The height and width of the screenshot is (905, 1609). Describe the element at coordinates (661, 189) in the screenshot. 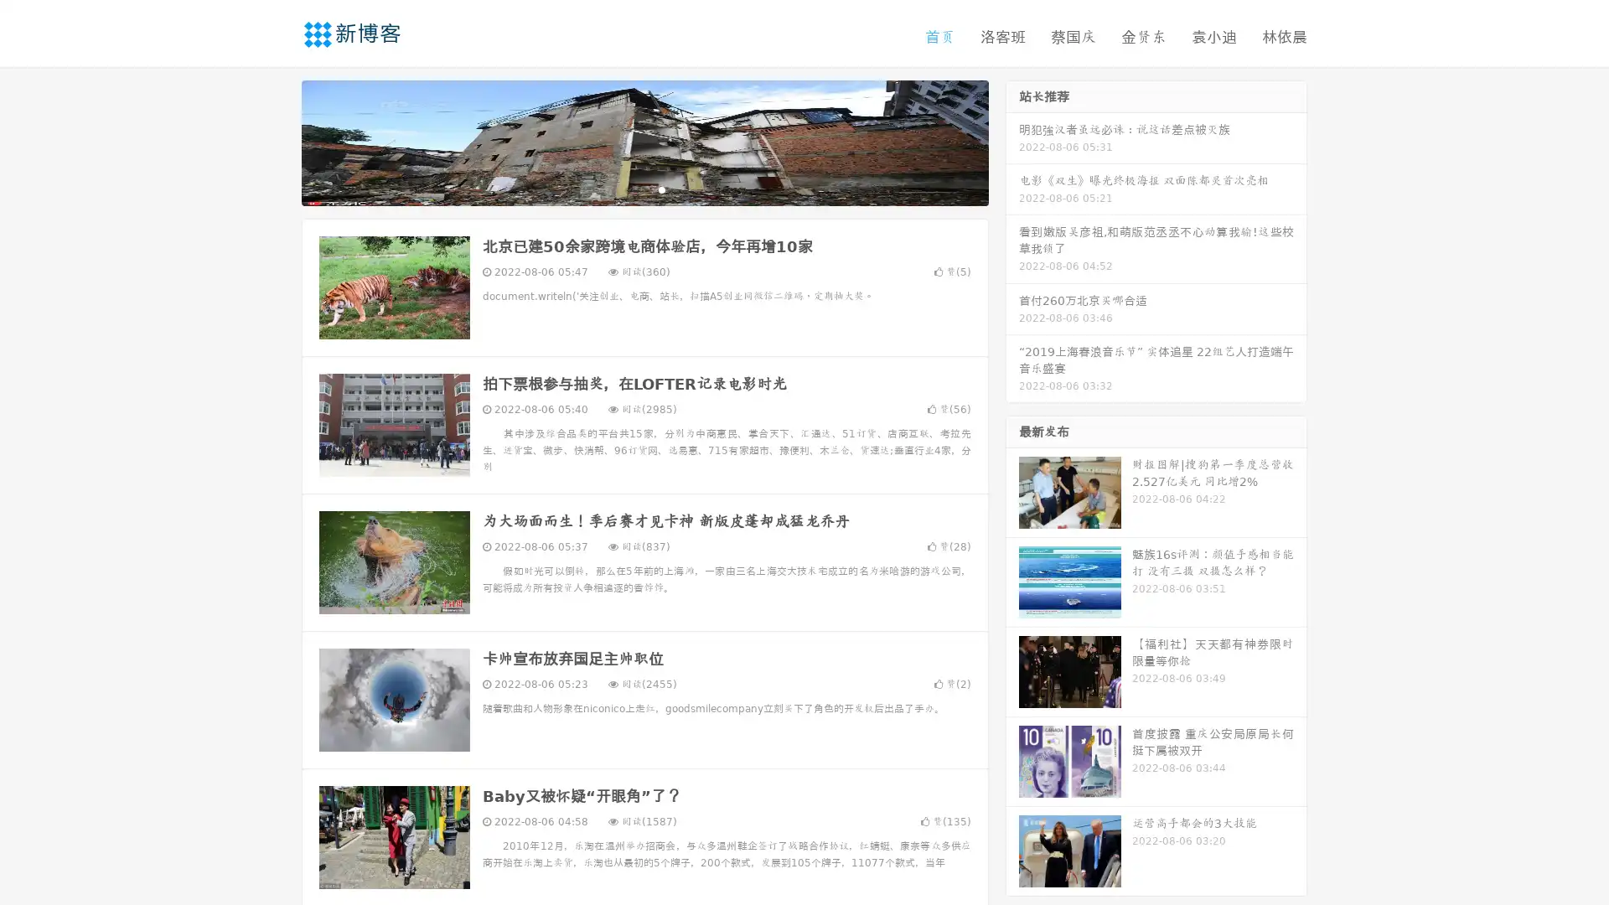

I see `Go to slide 3` at that location.